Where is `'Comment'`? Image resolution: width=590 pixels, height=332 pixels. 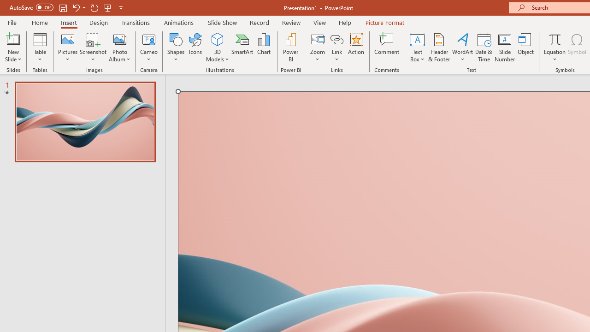
'Comment' is located at coordinates (387, 47).